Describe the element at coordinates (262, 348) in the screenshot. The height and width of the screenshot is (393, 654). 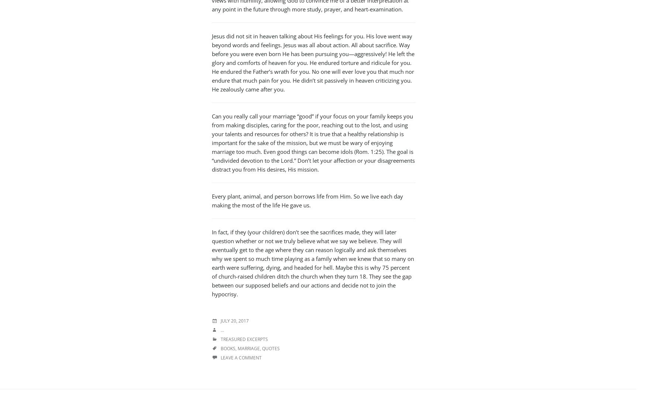
I see `'quotes'` at that location.